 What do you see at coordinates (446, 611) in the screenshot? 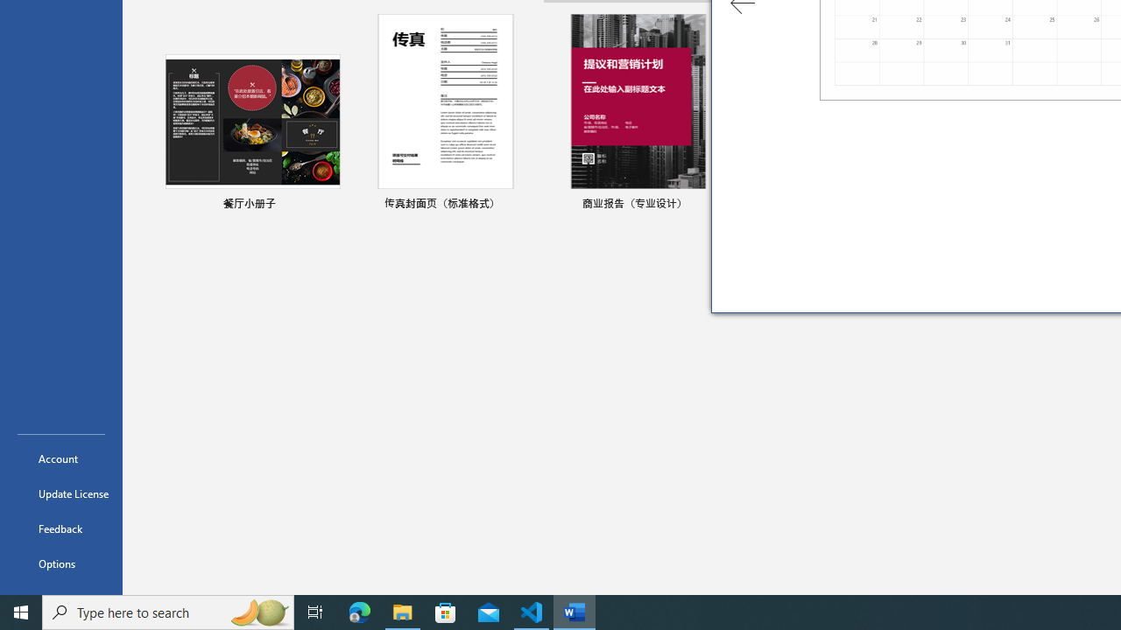
I see `'Microsoft Store'` at bounding box center [446, 611].